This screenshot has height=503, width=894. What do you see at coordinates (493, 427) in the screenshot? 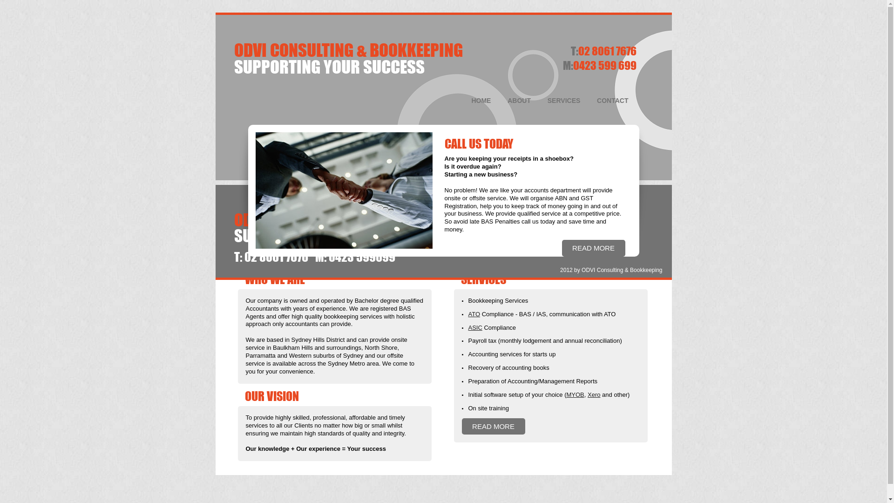
I see `'READ MORE'` at bounding box center [493, 427].